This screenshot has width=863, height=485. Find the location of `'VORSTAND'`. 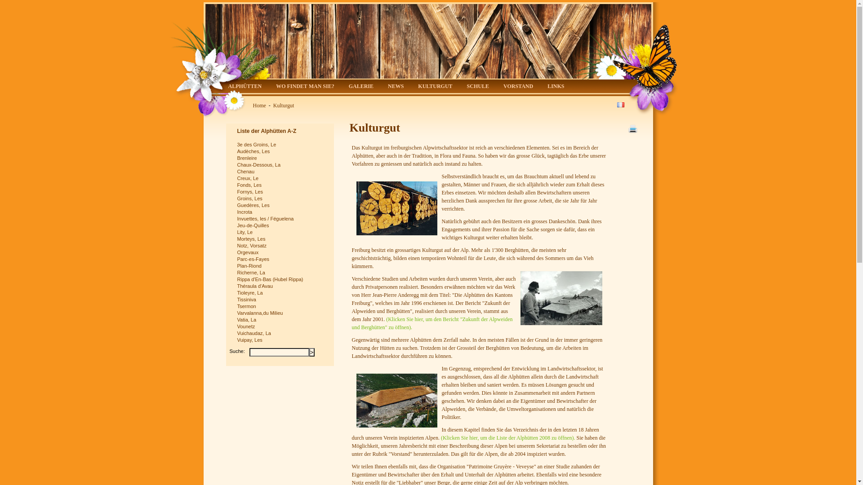

'VORSTAND' is located at coordinates (518, 87).